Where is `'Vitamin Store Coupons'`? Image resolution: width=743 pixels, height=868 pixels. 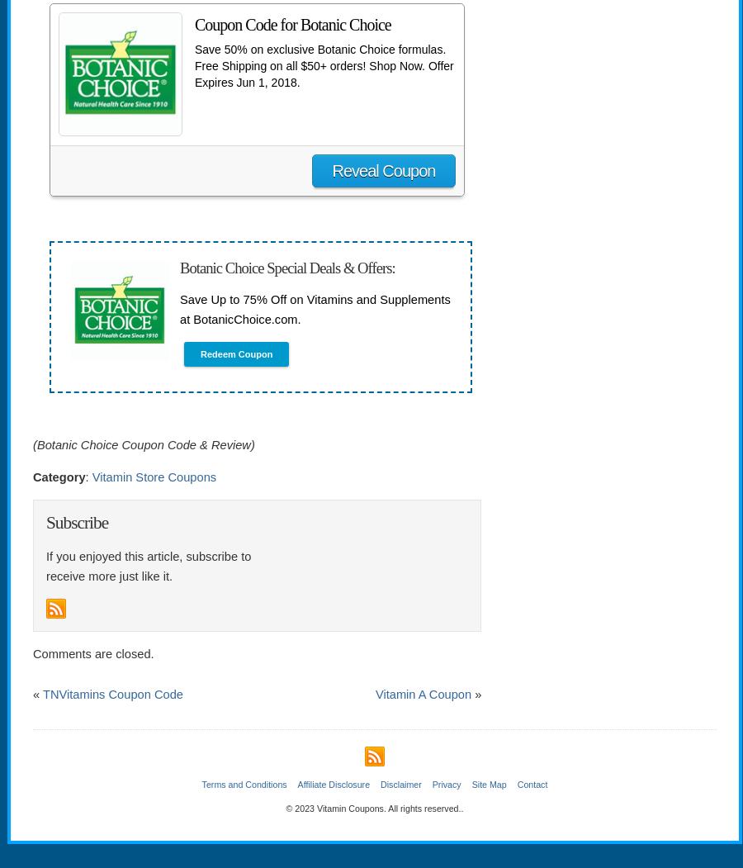 'Vitamin Store Coupons' is located at coordinates (154, 476).